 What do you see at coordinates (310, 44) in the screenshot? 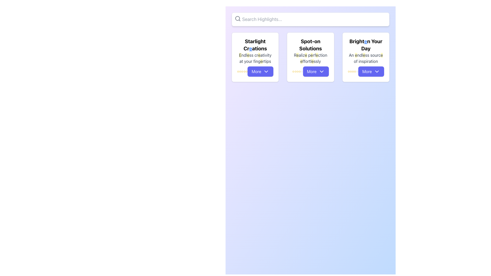
I see `bold black text that says 'Spot-on Solutions', which is centrally positioned in the second card of a three-column layout on a soft gradient background` at bounding box center [310, 44].